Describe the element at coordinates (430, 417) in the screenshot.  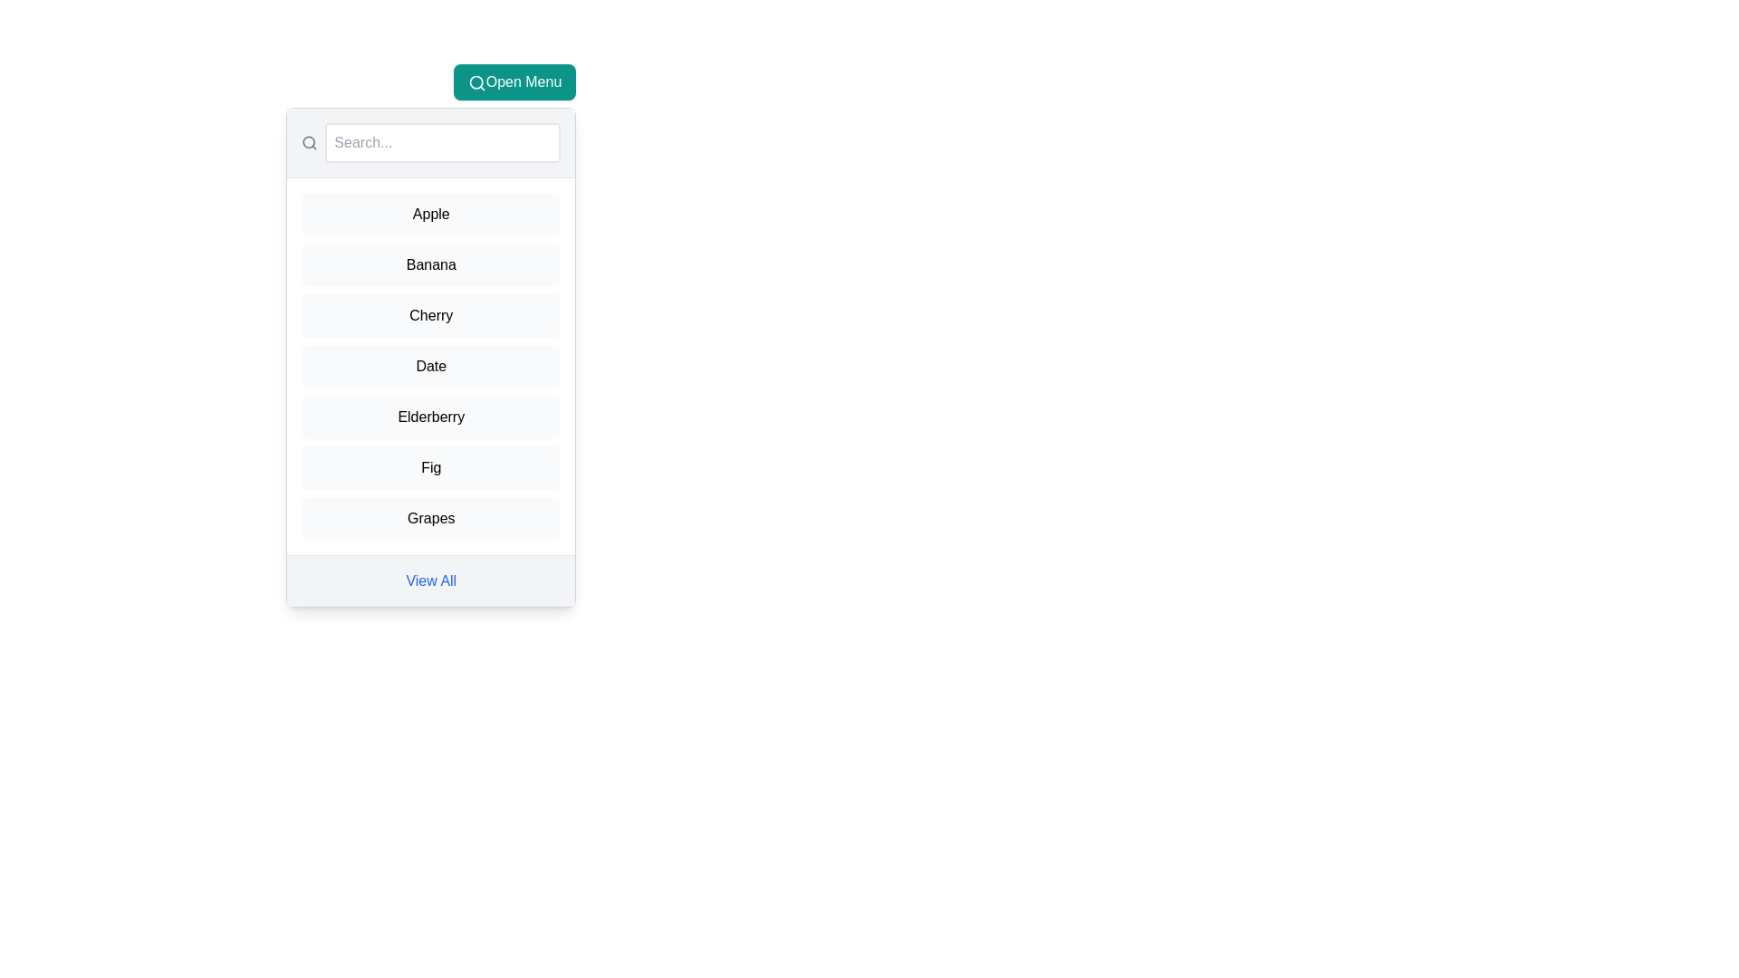
I see `the button-like menu item labeled 'Elderberry'` at that location.